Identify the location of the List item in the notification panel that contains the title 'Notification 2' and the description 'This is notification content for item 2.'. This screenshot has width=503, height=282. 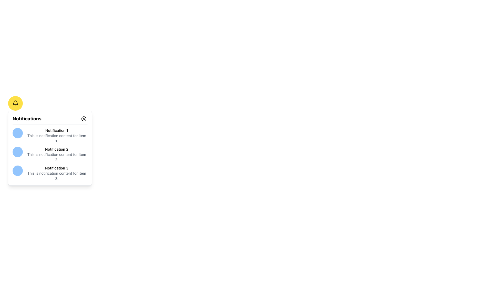
(50, 154).